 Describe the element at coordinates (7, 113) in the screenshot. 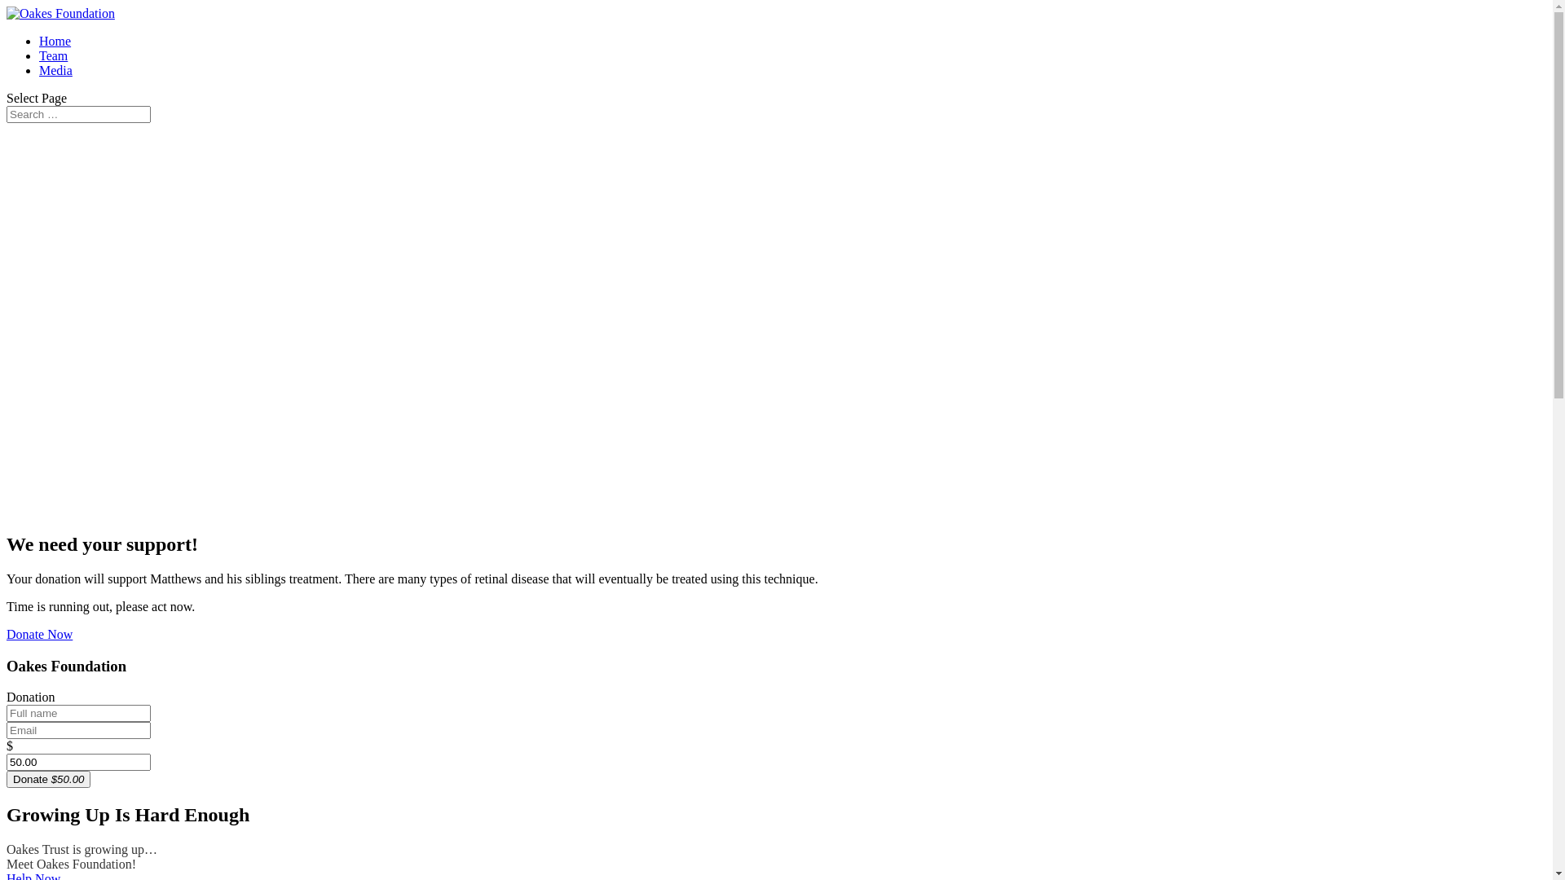

I see `'Search for:'` at that location.